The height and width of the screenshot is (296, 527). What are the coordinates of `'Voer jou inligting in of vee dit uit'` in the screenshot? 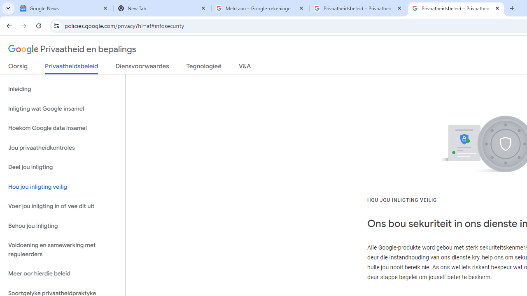 It's located at (62, 206).